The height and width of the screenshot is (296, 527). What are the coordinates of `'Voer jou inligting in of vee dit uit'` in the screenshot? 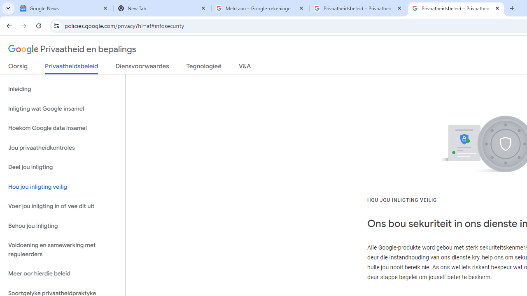 It's located at (62, 206).